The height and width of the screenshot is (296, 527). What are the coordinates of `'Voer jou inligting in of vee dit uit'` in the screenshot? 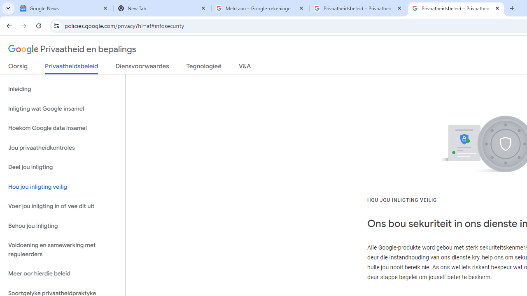 It's located at (62, 206).